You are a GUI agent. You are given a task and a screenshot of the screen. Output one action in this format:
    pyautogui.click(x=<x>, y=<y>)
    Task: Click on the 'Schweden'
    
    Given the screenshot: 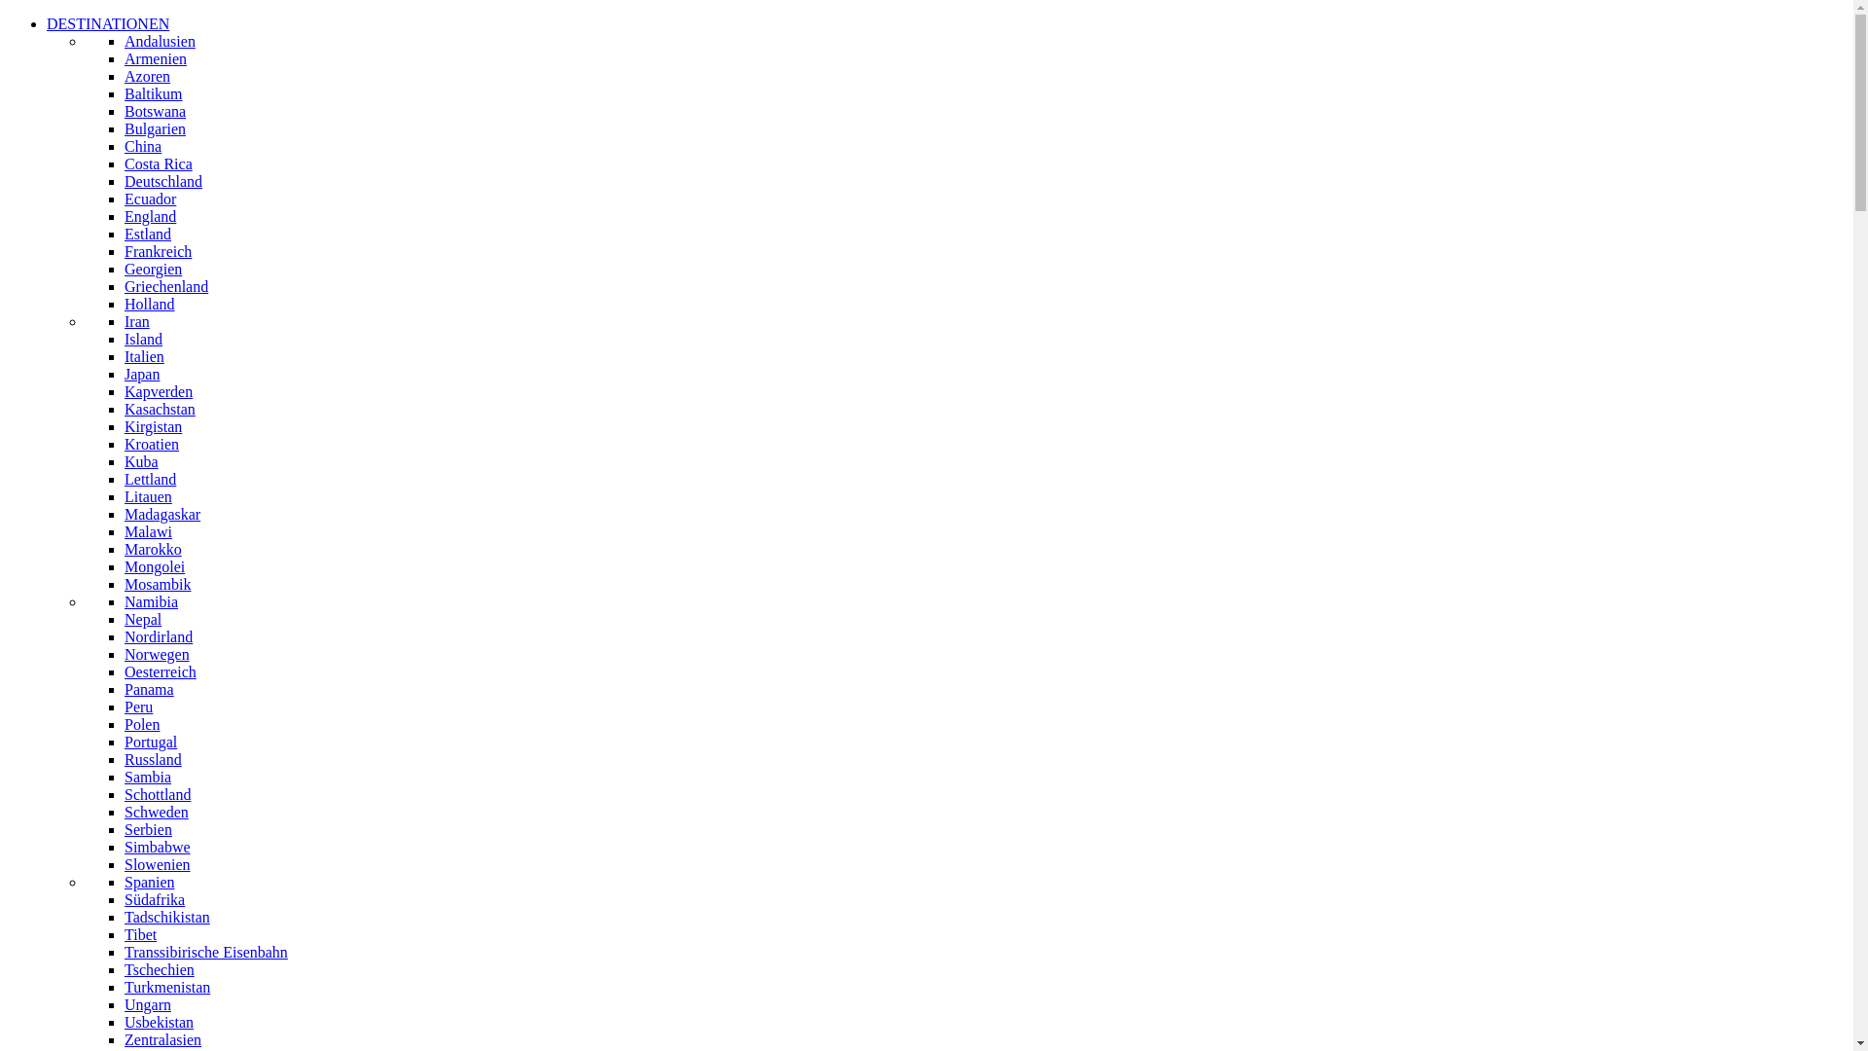 What is the action you would take?
    pyautogui.click(x=157, y=812)
    